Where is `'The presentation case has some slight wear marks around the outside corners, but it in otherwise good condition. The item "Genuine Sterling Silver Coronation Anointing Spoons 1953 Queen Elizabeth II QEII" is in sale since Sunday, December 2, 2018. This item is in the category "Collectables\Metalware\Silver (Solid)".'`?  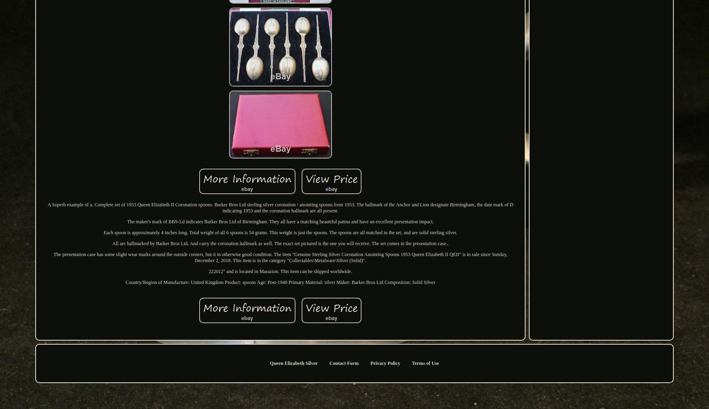 'The presentation case has some slight wear marks around the outside corners, but it in otherwise good condition. The item "Genuine Sterling Silver Coronation Anointing Spoons 1953 Queen Elizabeth II QEII" is in sale since Sunday, December 2, 2018. This item is in the category "Collectables\Metalware\Silver (Solid)".' is located at coordinates (280, 257).